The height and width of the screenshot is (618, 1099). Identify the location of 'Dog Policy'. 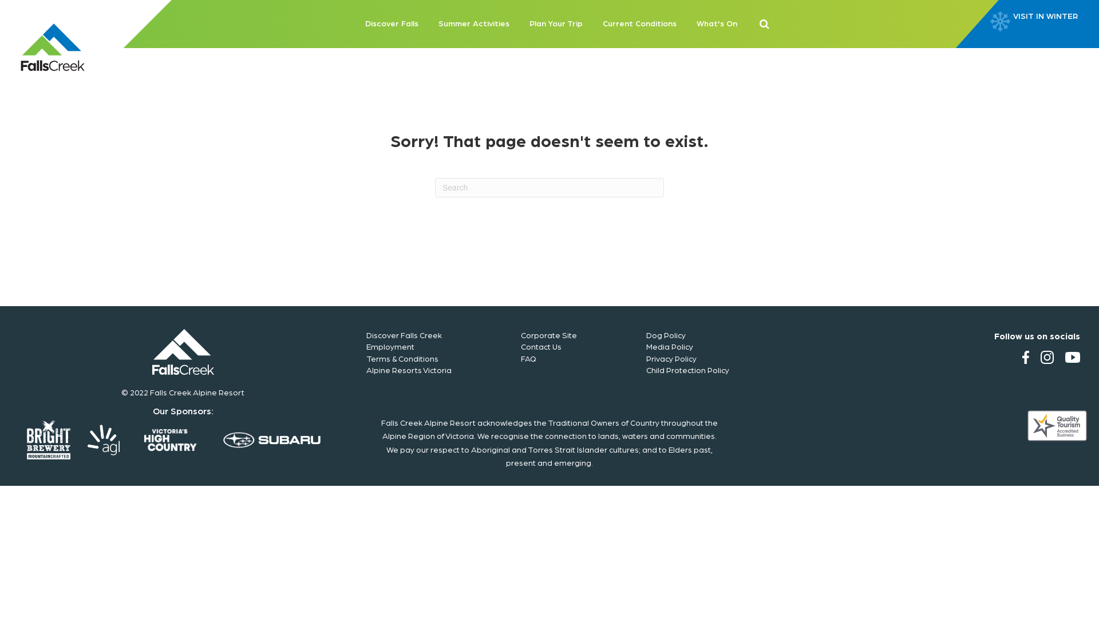
(666, 335).